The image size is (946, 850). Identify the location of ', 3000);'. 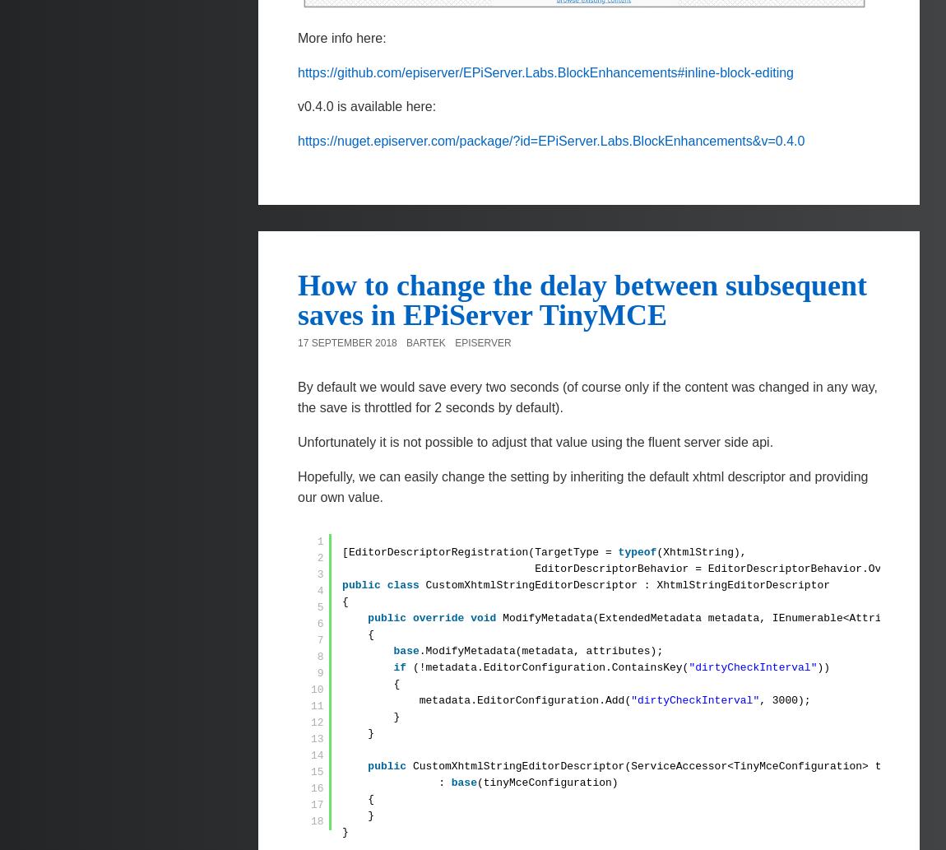
(785, 699).